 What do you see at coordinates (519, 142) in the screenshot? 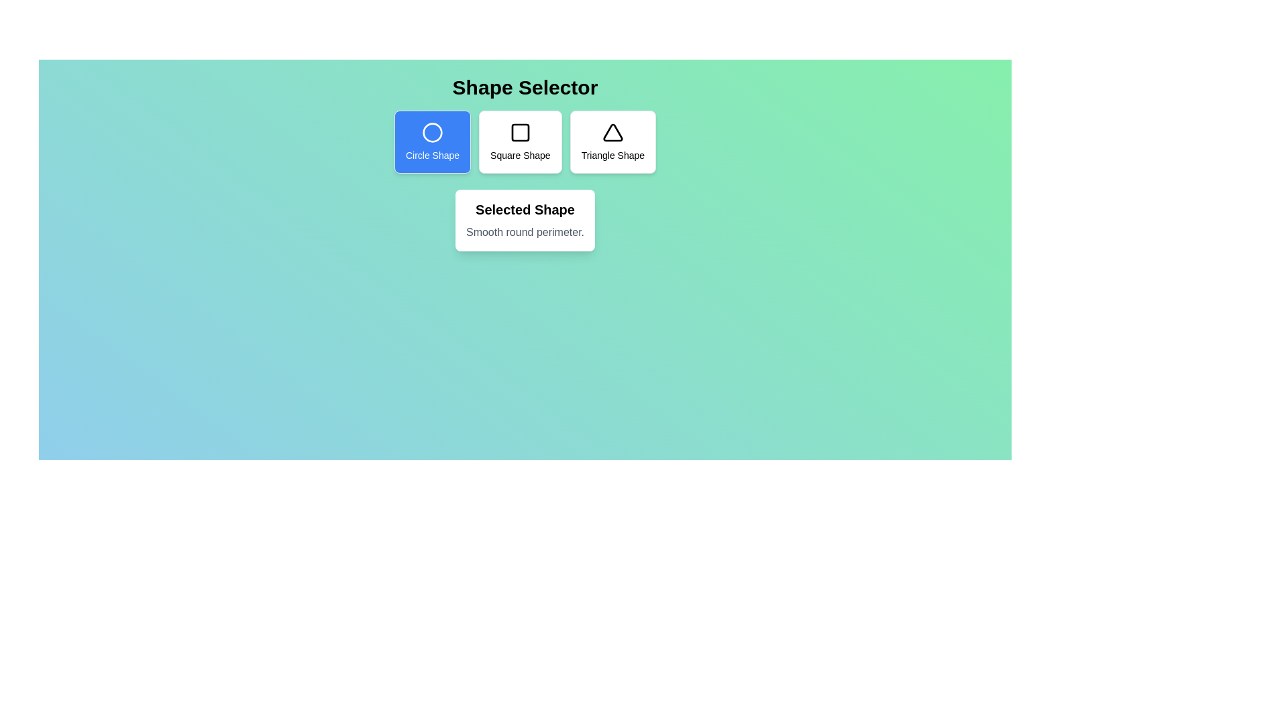
I see `the shape button corresponding to square` at bounding box center [519, 142].